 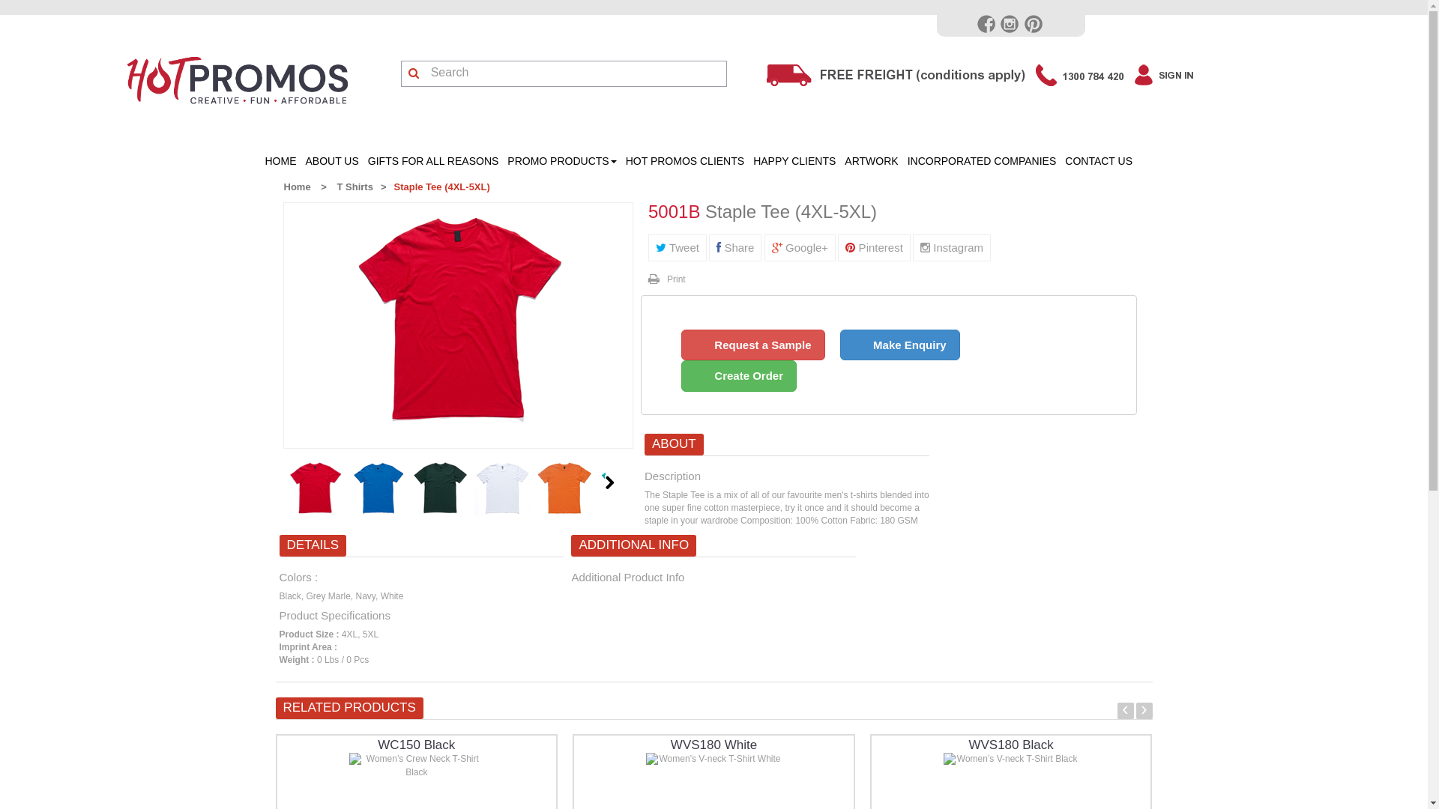 I want to click on 'HOME', so click(x=260, y=161).